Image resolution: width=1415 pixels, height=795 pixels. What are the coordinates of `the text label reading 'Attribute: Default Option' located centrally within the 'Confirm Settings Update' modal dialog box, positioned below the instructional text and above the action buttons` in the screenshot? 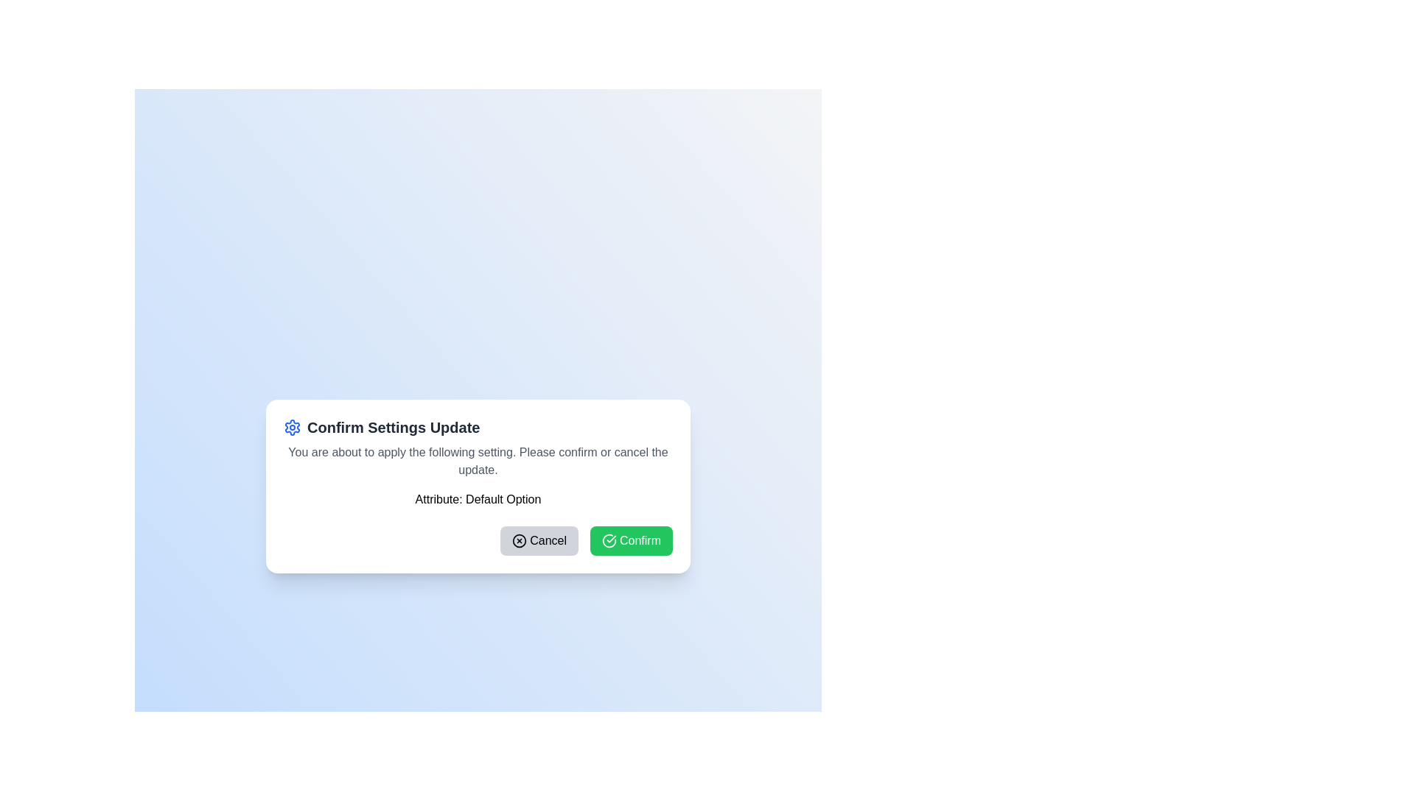 It's located at (478, 498).